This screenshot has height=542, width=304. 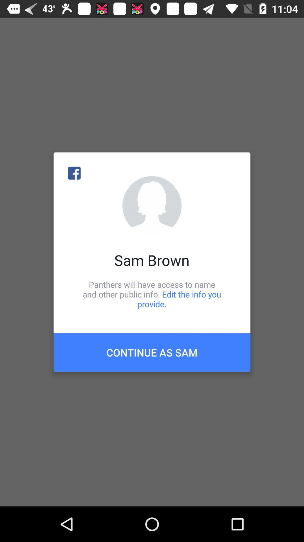 What do you see at coordinates (152, 294) in the screenshot?
I see `the item above continue as sam item` at bounding box center [152, 294].